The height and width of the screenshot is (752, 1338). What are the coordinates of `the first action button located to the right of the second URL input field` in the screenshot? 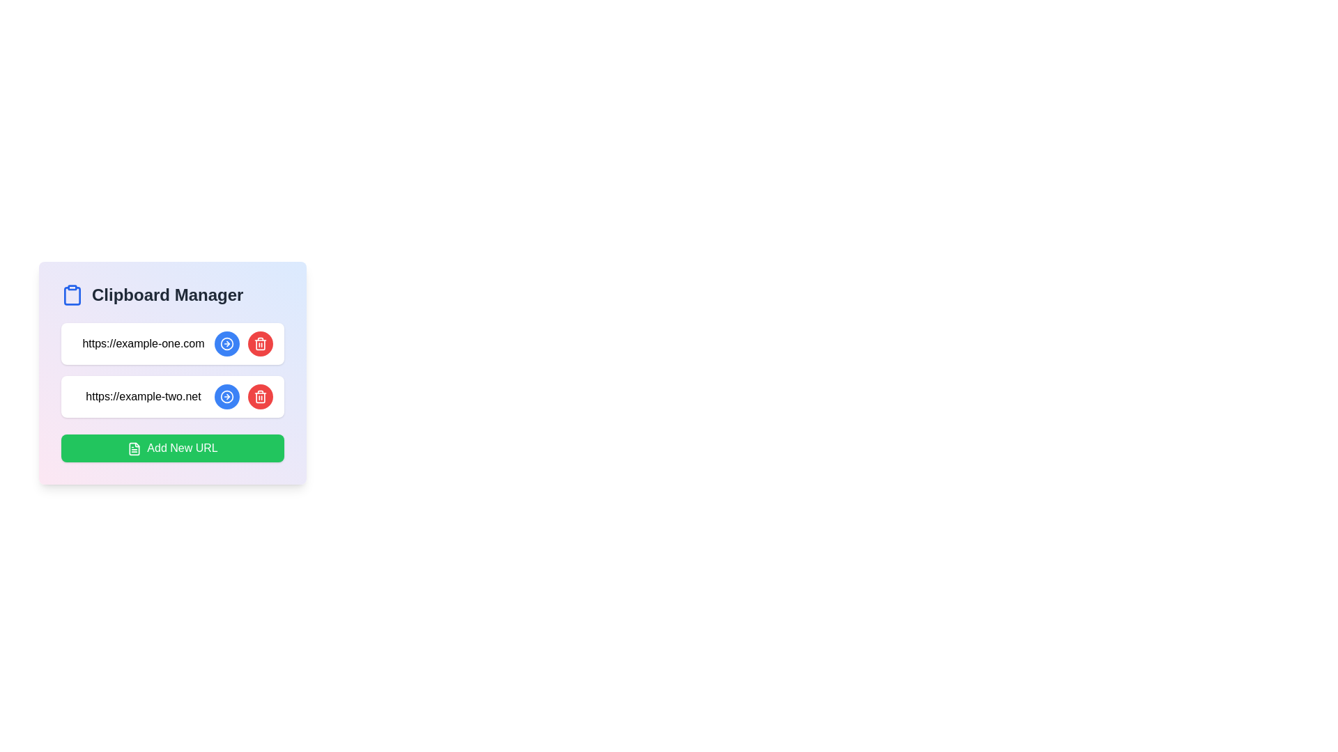 It's located at (227, 397).